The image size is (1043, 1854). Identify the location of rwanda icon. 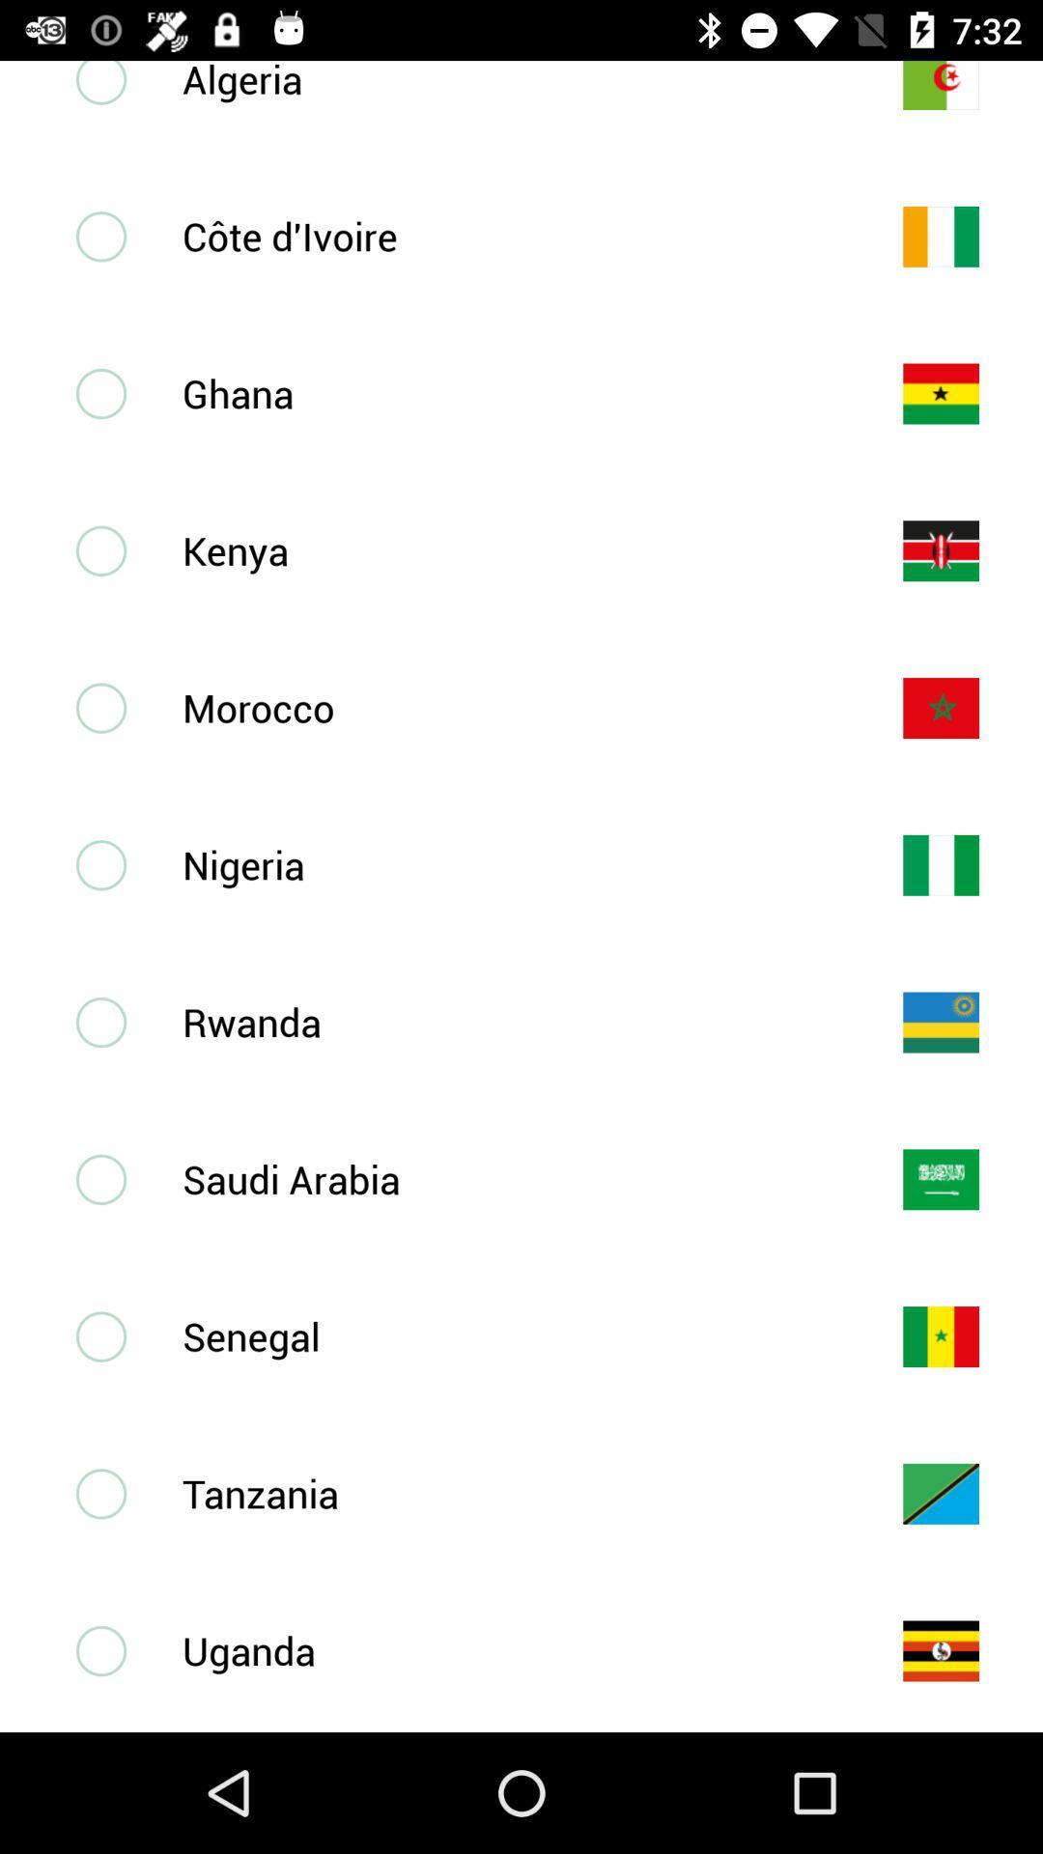
(510, 1021).